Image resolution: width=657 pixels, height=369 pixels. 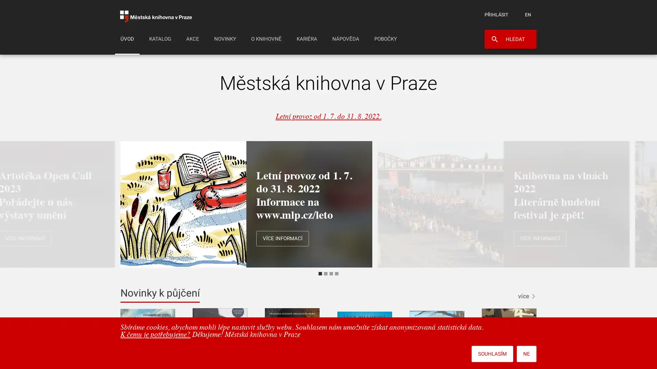 I want to click on NE, so click(x=526, y=354).